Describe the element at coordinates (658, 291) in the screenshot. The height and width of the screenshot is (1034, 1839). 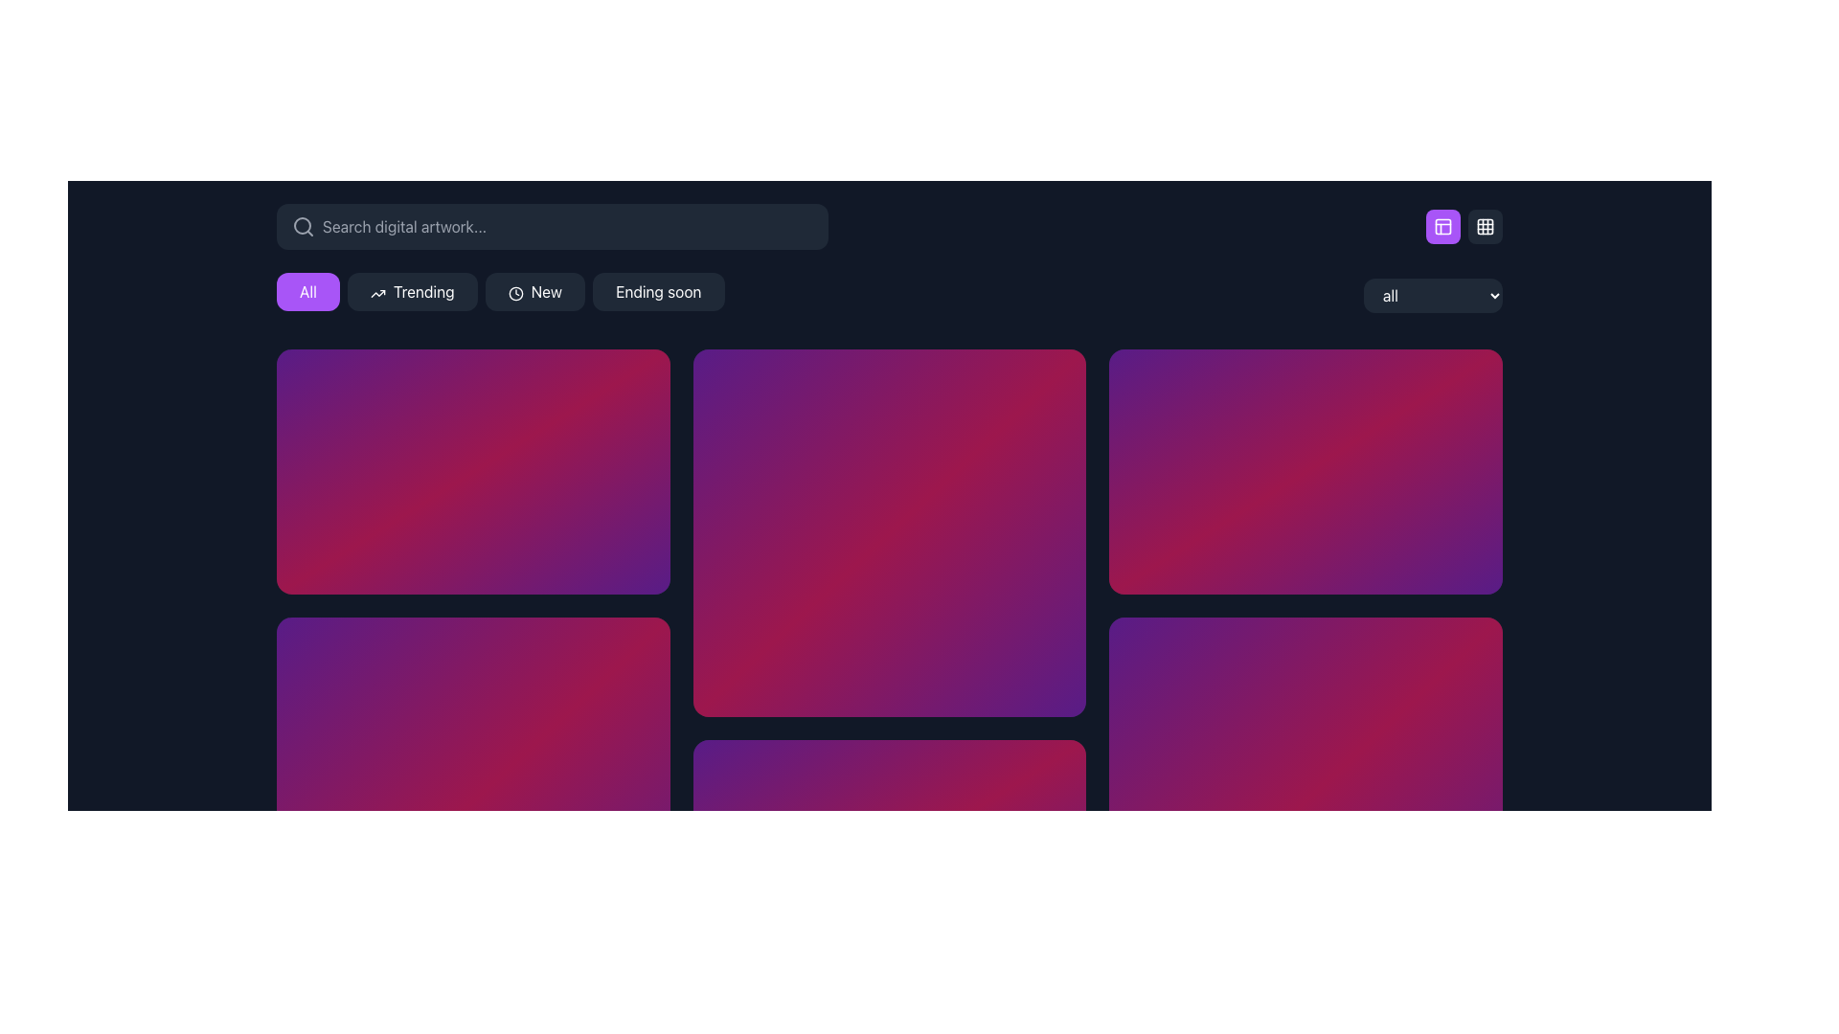
I see `the 'Ending soon' button with a dark gray background and white text to filter or display 'Ending soon' items` at that location.